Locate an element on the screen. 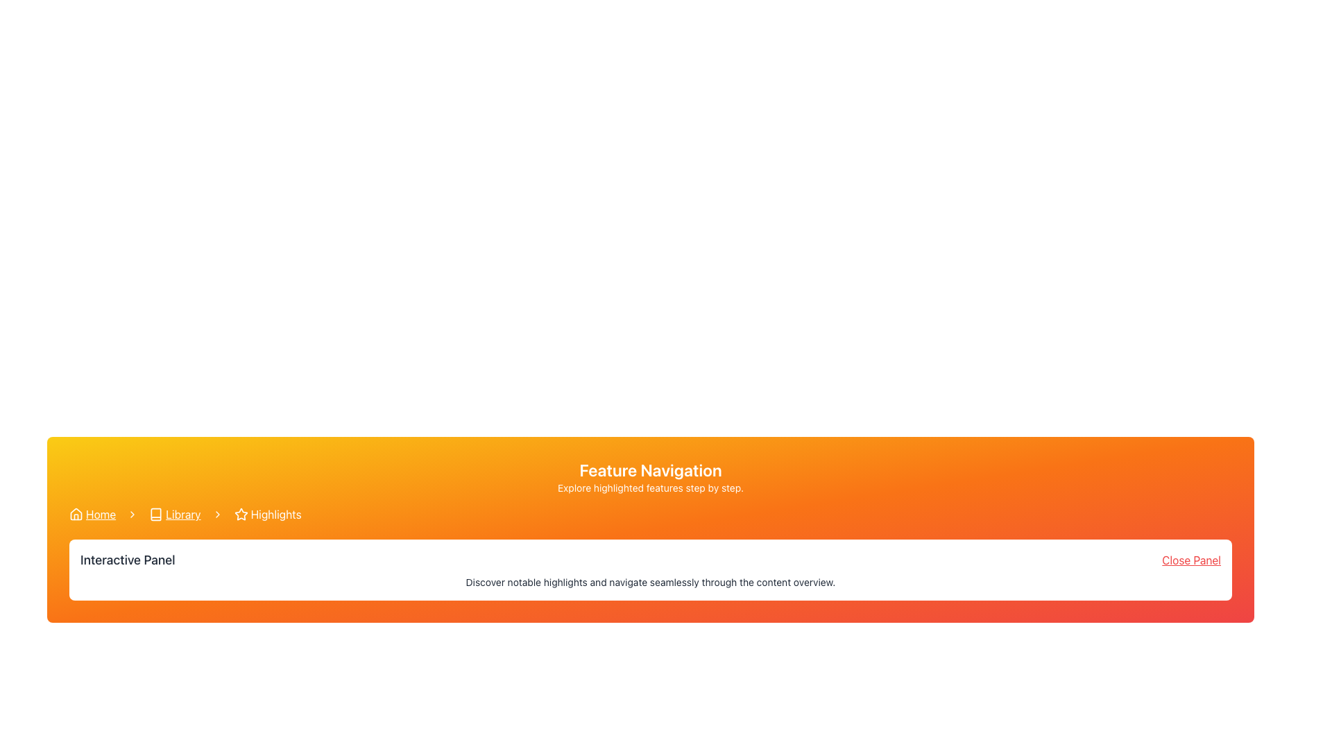 The width and height of the screenshot is (1332, 749). the decorative icon associated with the 'Highlights' breadcrumb link is located at coordinates (241, 514).